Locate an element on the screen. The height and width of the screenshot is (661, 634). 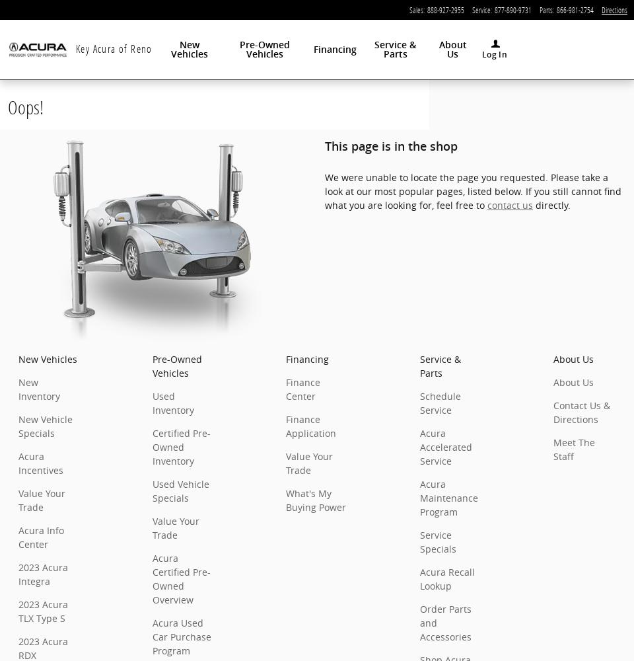
'Acura Info Center' is located at coordinates (18, 537).